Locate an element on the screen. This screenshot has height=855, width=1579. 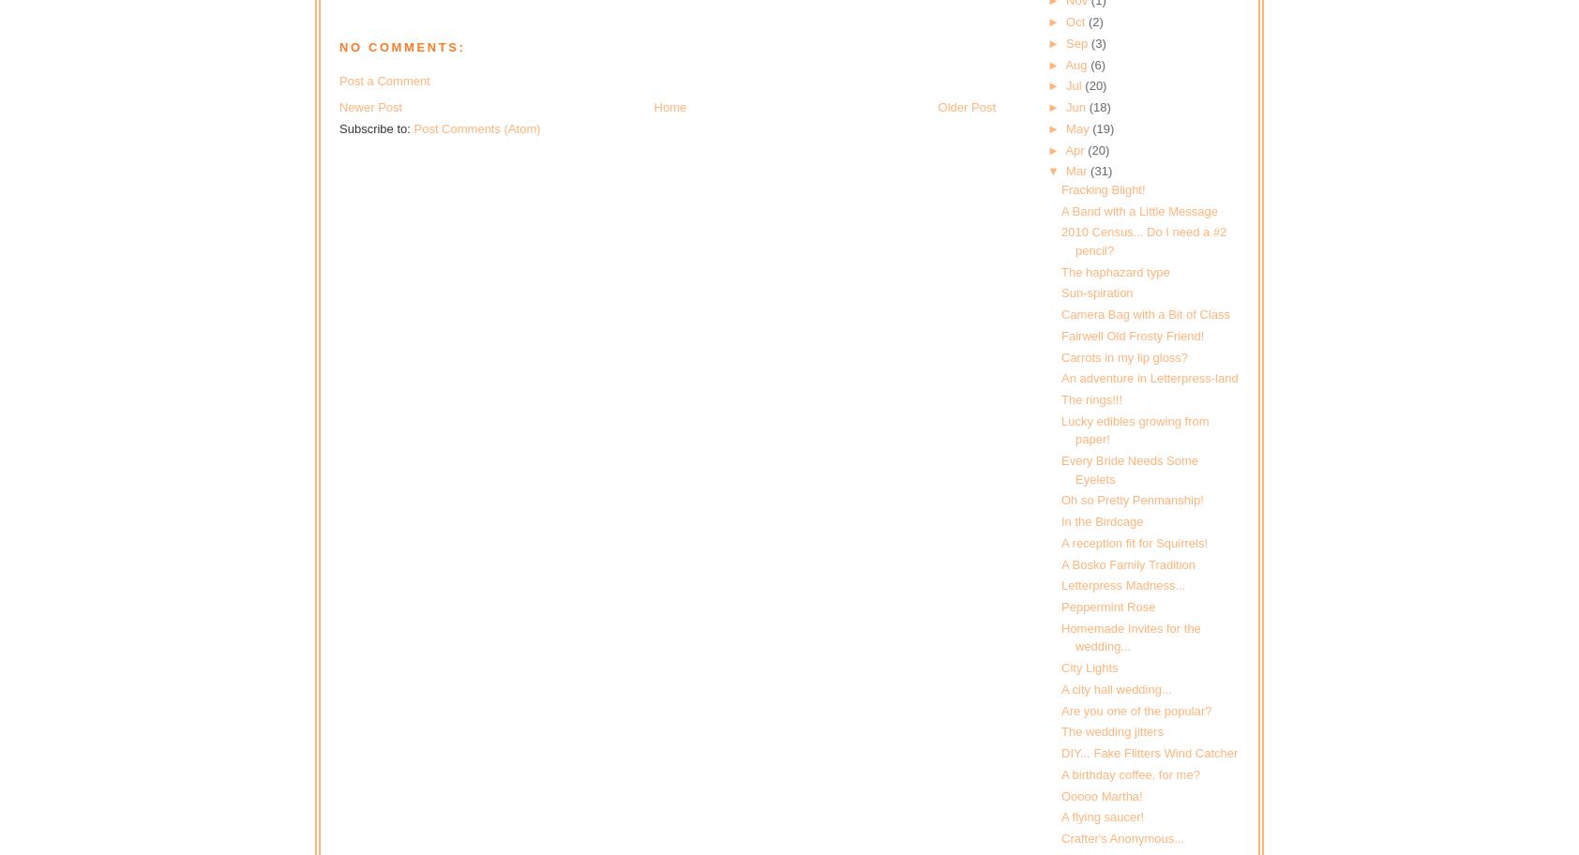
'A flying saucer!' is located at coordinates (1102, 817).